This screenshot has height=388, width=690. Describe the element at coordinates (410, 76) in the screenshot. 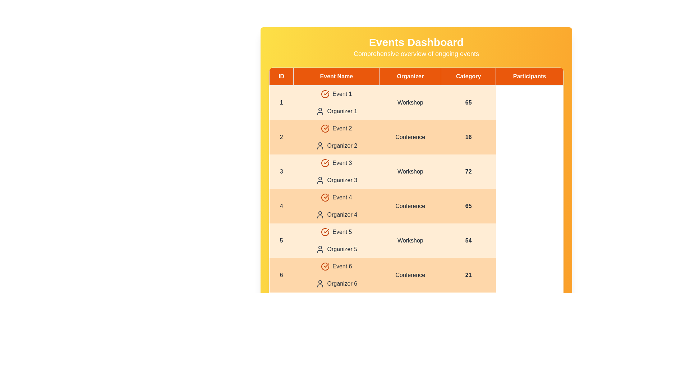

I see `the column header Organizer to sort the table by that column` at that location.